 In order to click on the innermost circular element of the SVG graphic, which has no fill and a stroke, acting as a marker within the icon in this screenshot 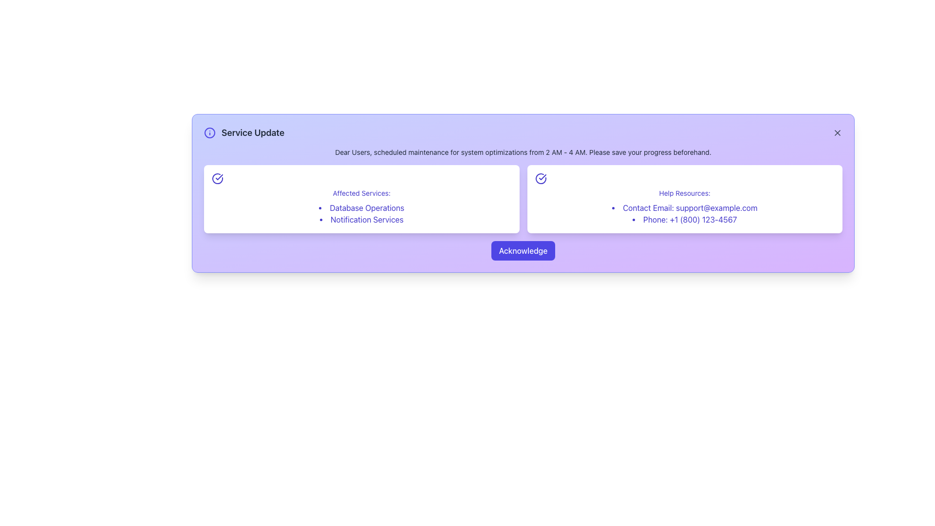, I will do `click(209, 133)`.